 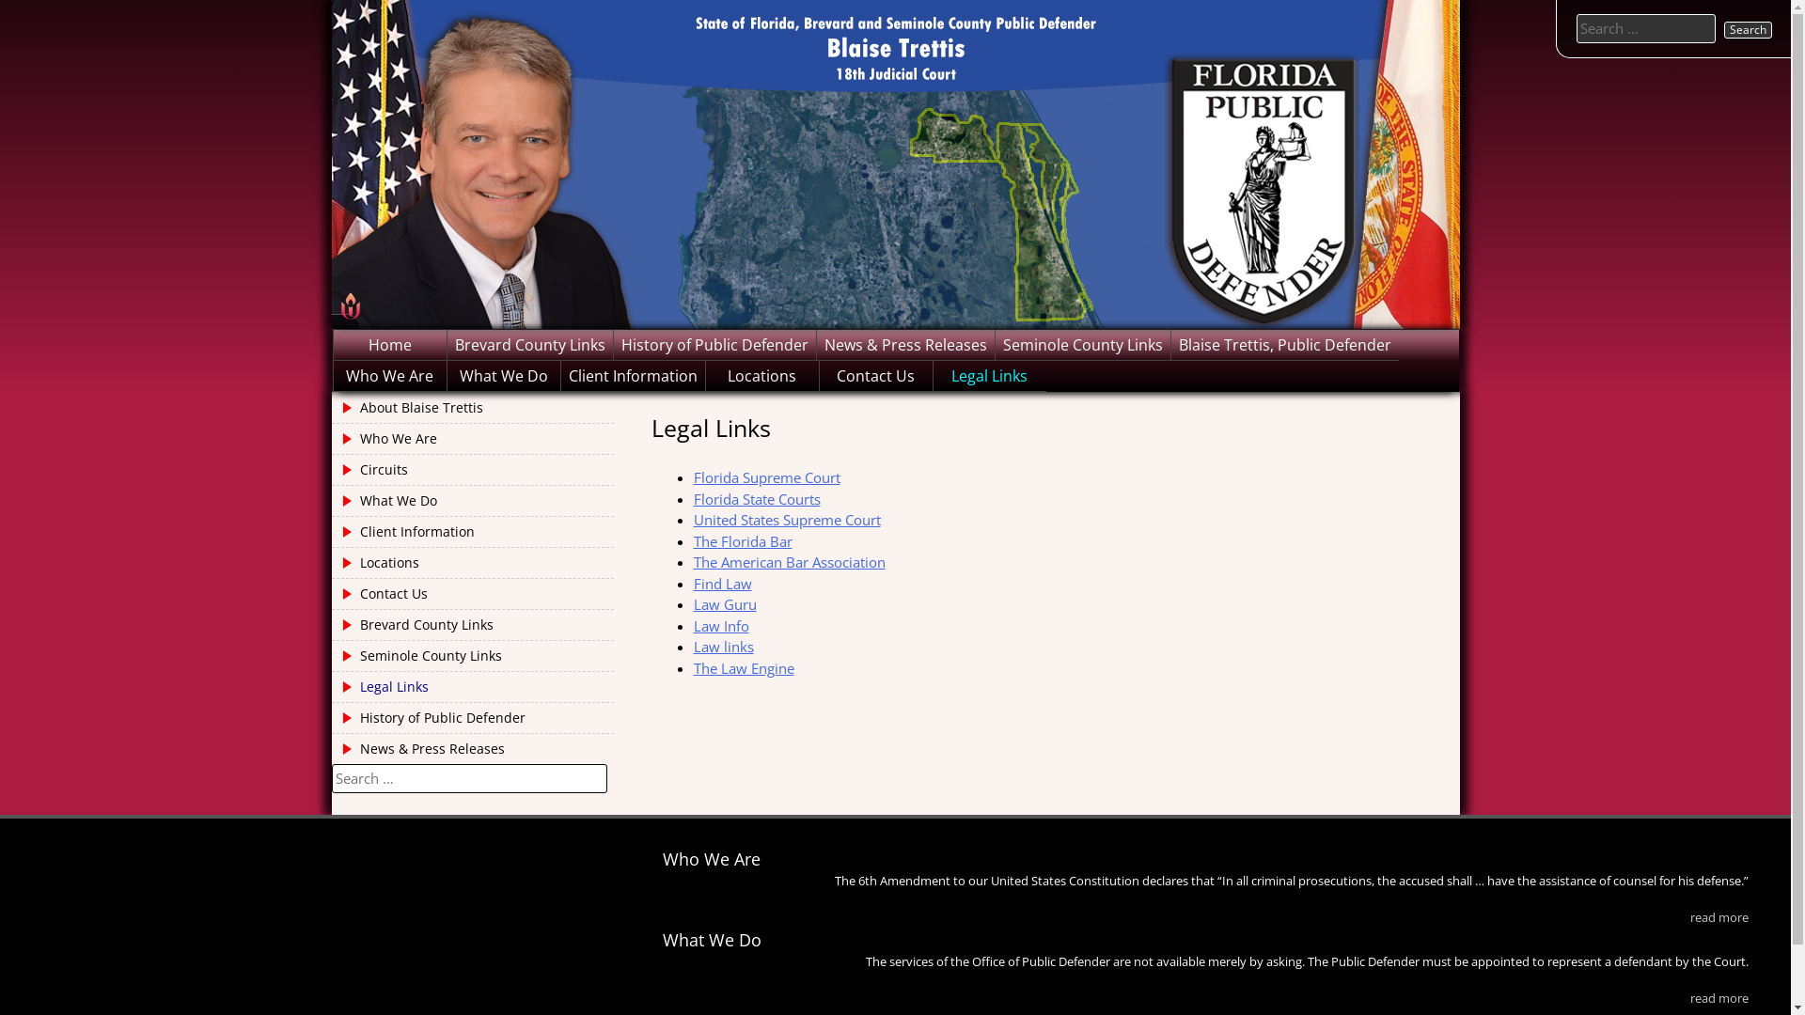 I want to click on 'Circuits', so click(x=472, y=469).